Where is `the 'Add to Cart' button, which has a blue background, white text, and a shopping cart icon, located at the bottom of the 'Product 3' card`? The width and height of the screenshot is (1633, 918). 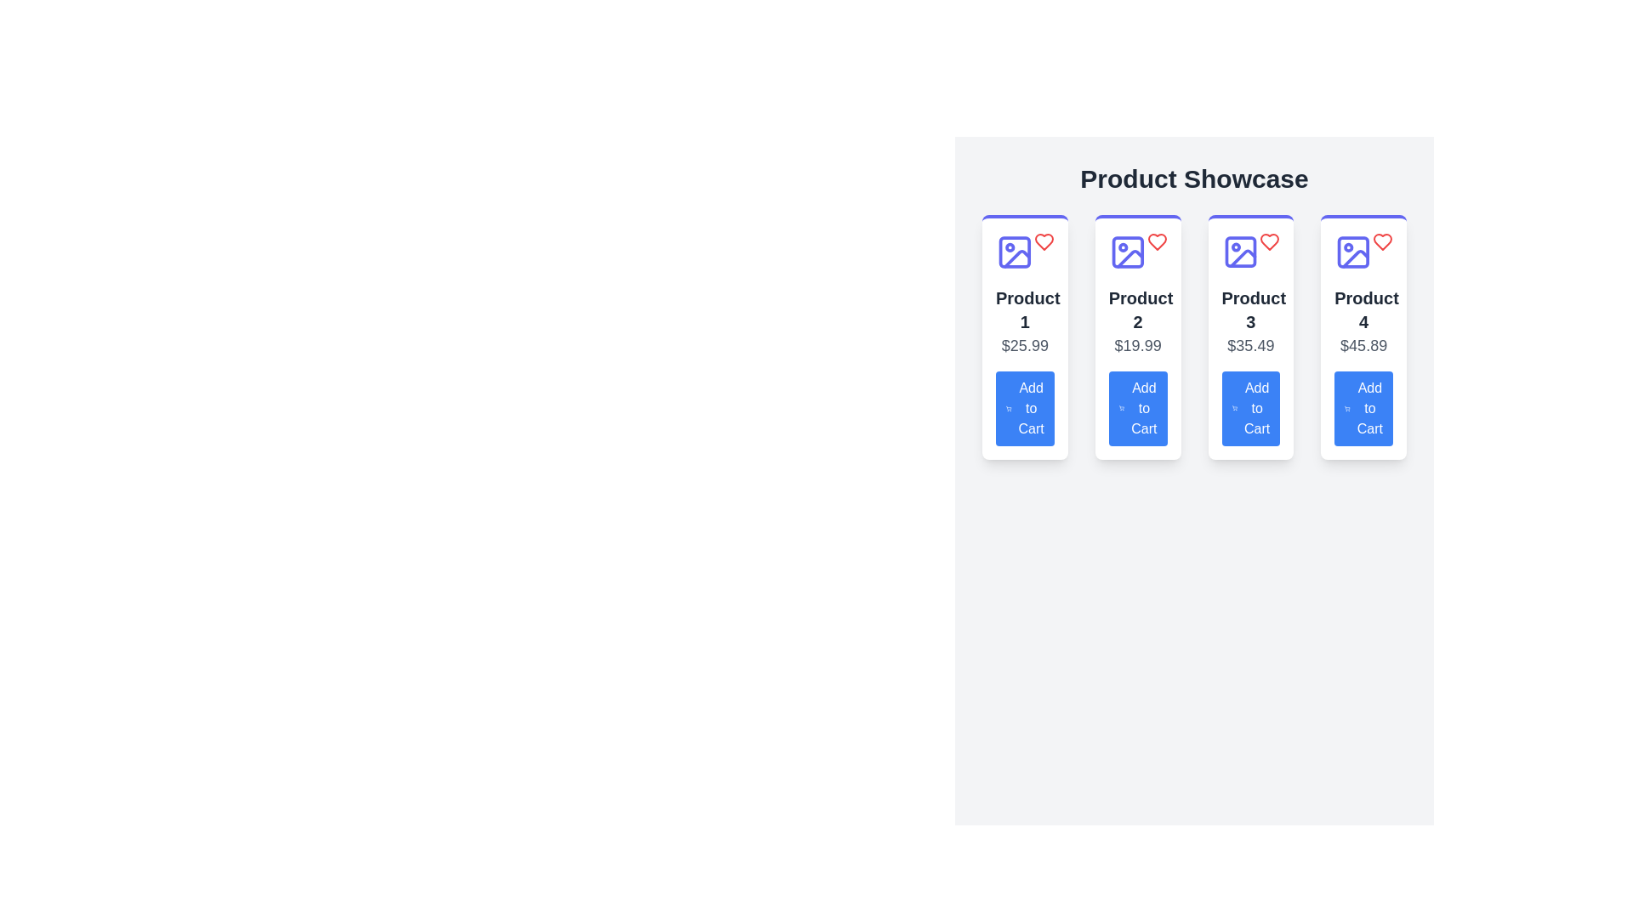 the 'Add to Cart' button, which has a blue background, white text, and a shopping cart icon, located at the bottom of the 'Product 3' card is located at coordinates (1250, 409).